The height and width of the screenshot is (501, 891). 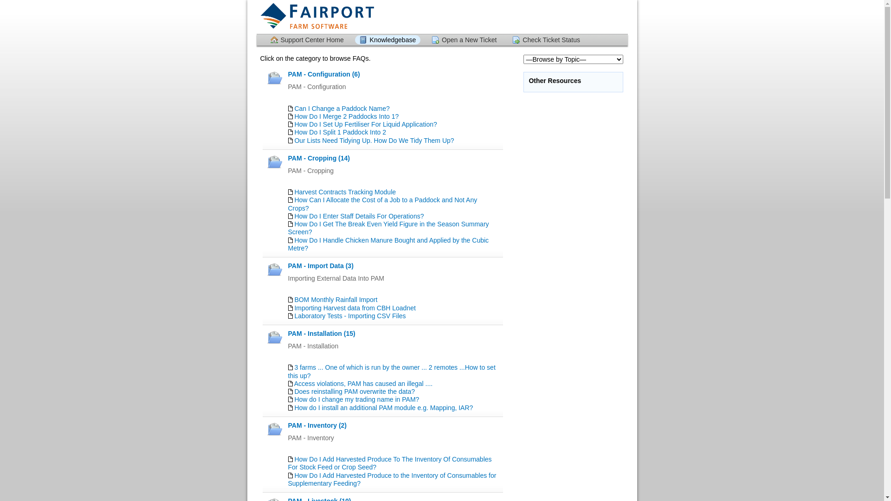 What do you see at coordinates (341, 108) in the screenshot?
I see `'Can I Change a Paddock Name?'` at bounding box center [341, 108].